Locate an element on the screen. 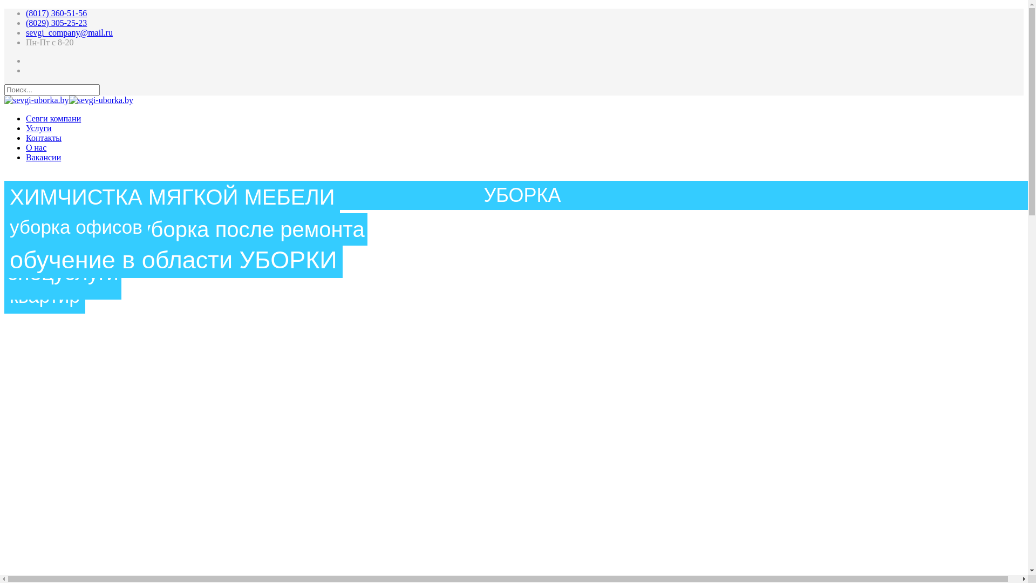 The height and width of the screenshot is (583, 1036). '(8029) 305-25-23' is located at coordinates (56, 23).